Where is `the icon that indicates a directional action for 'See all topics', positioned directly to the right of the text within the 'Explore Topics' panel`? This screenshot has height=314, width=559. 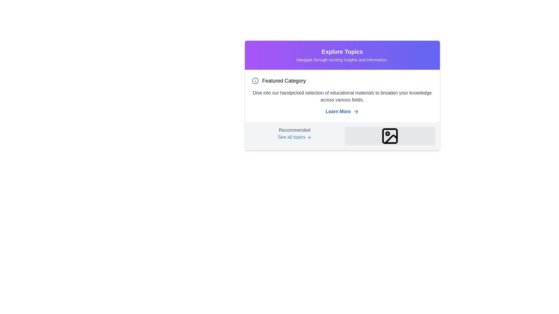 the icon that indicates a directional action for 'See all topics', positioned directly to the right of the text within the 'Explore Topics' panel is located at coordinates (309, 137).